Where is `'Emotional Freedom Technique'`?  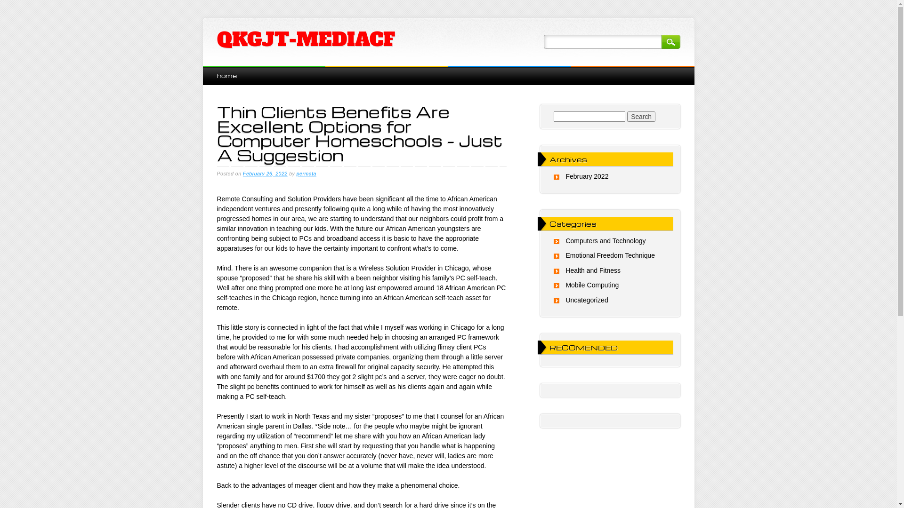 'Emotional Freedom Technique' is located at coordinates (610, 255).